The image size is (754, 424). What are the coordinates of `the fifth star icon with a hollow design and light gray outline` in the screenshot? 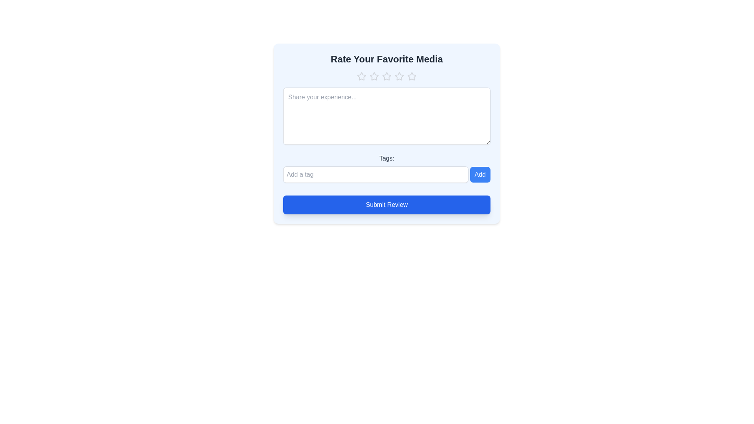 It's located at (411, 76).